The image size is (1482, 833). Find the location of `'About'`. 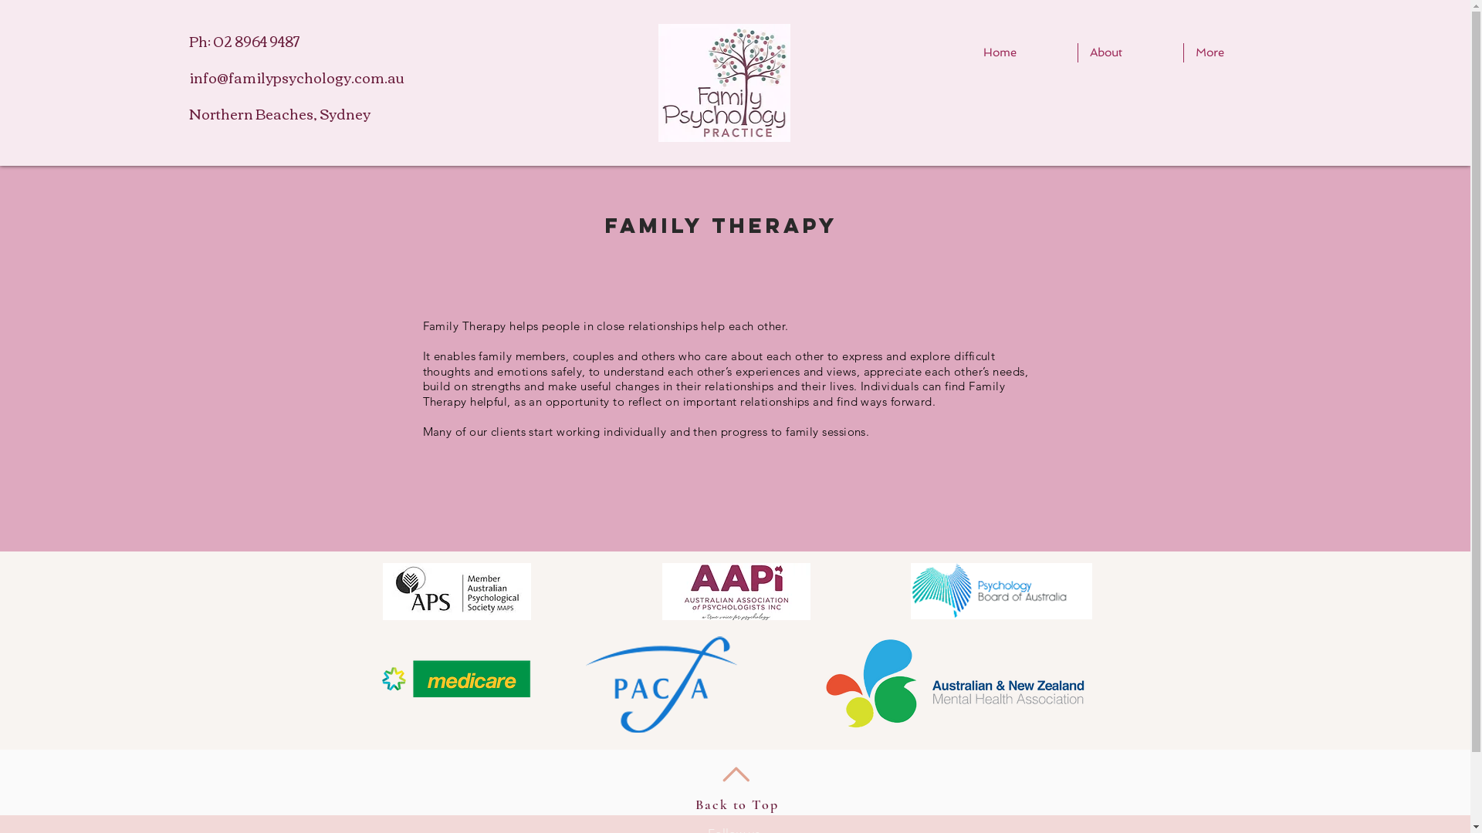

'About' is located at coordinates (1130, 52).